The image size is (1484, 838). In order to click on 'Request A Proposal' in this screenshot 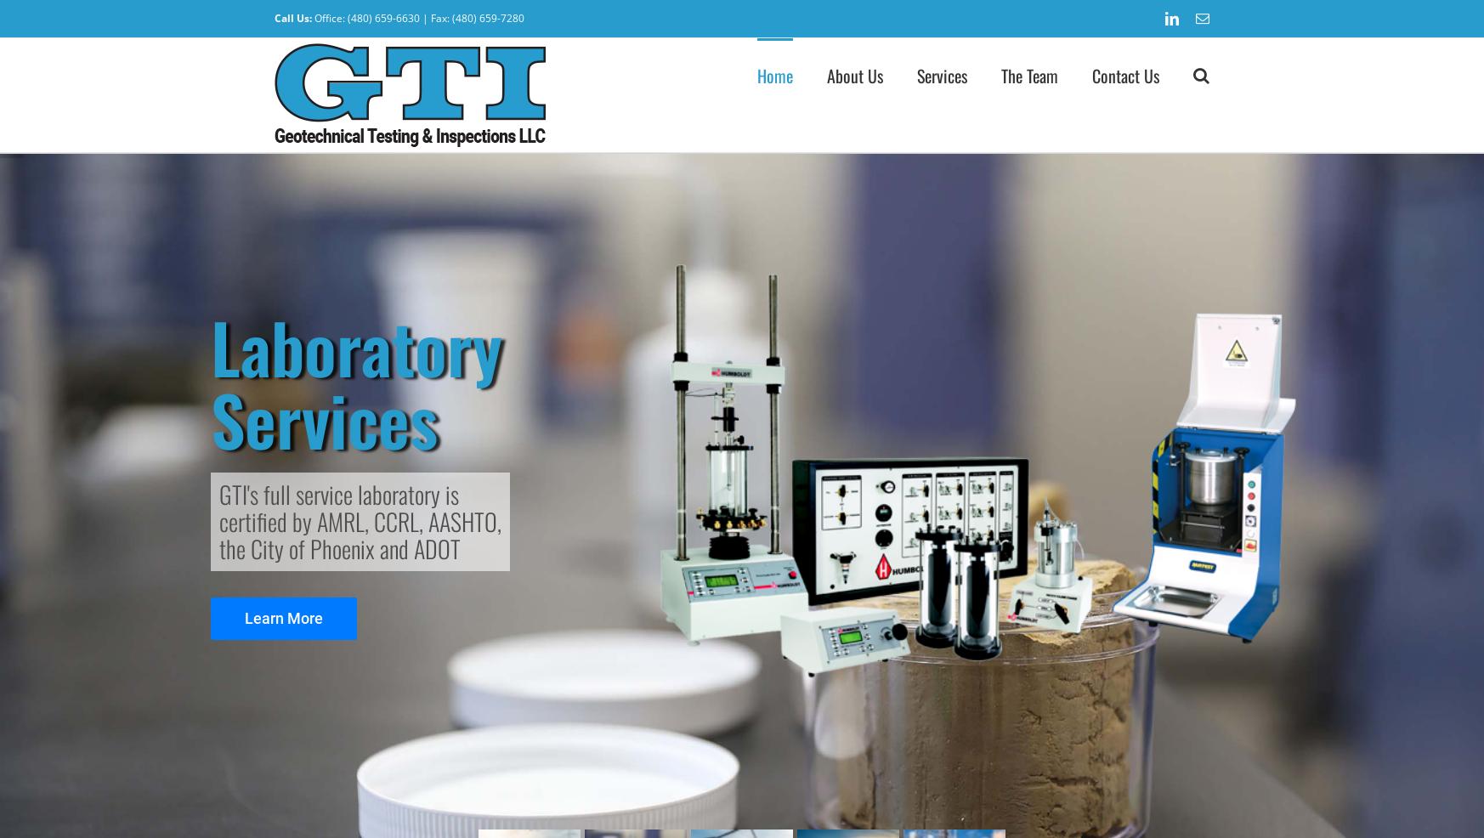, I will do `click(989, 154)`.